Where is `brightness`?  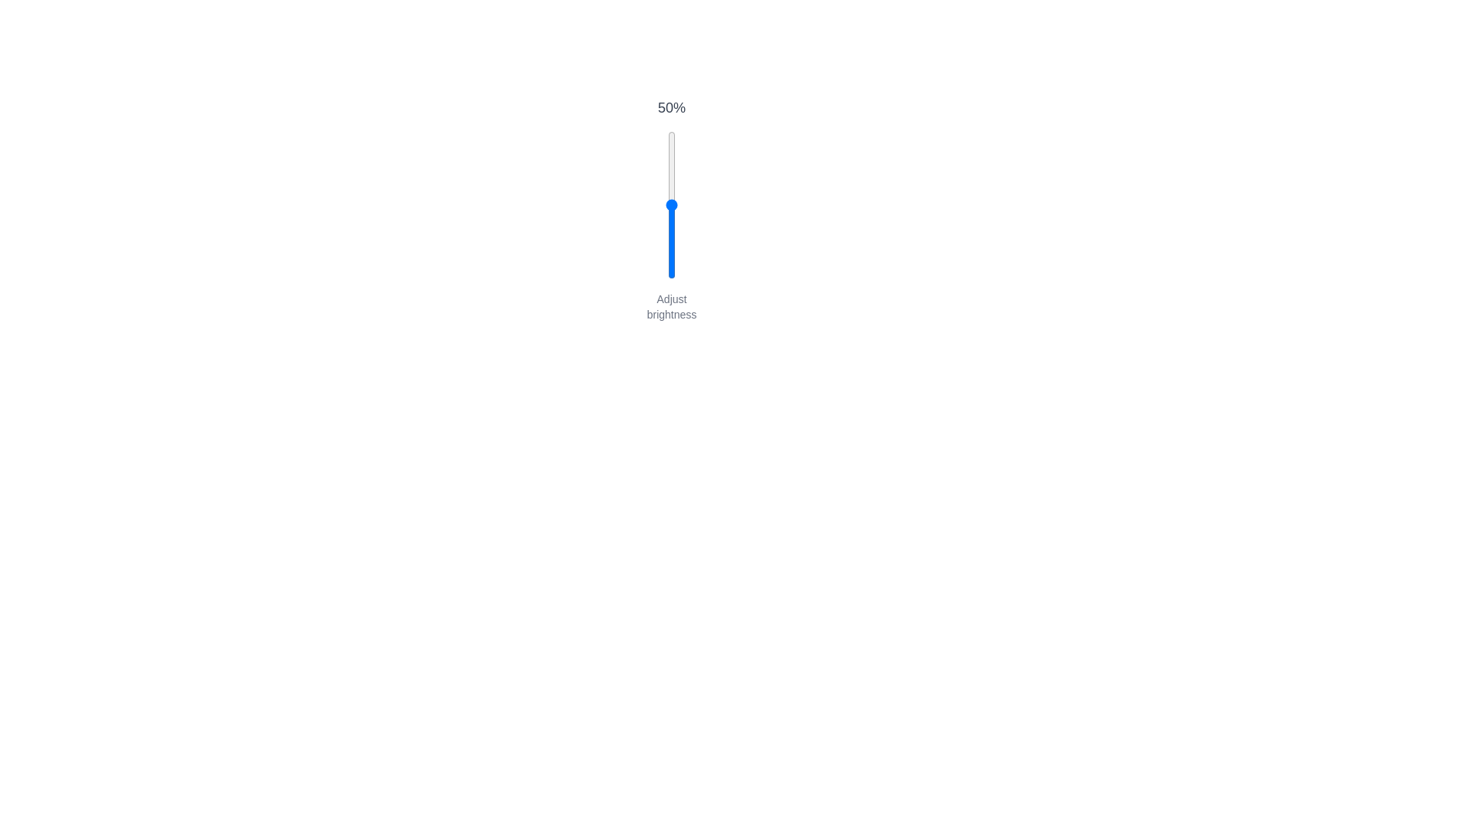 brightness is located at coordinates (671, 146).